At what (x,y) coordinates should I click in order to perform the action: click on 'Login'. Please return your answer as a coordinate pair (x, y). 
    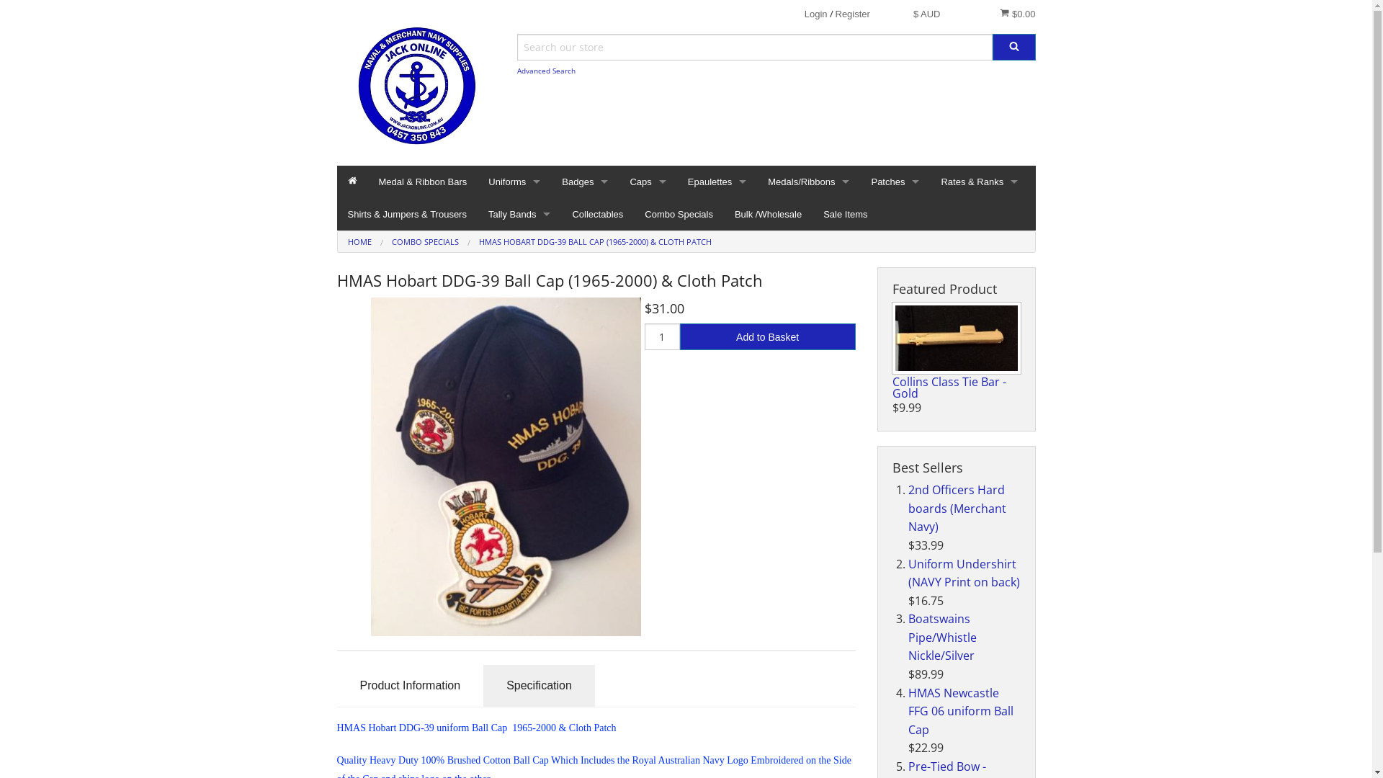
    Looking at the image, I should click on (815, 14).